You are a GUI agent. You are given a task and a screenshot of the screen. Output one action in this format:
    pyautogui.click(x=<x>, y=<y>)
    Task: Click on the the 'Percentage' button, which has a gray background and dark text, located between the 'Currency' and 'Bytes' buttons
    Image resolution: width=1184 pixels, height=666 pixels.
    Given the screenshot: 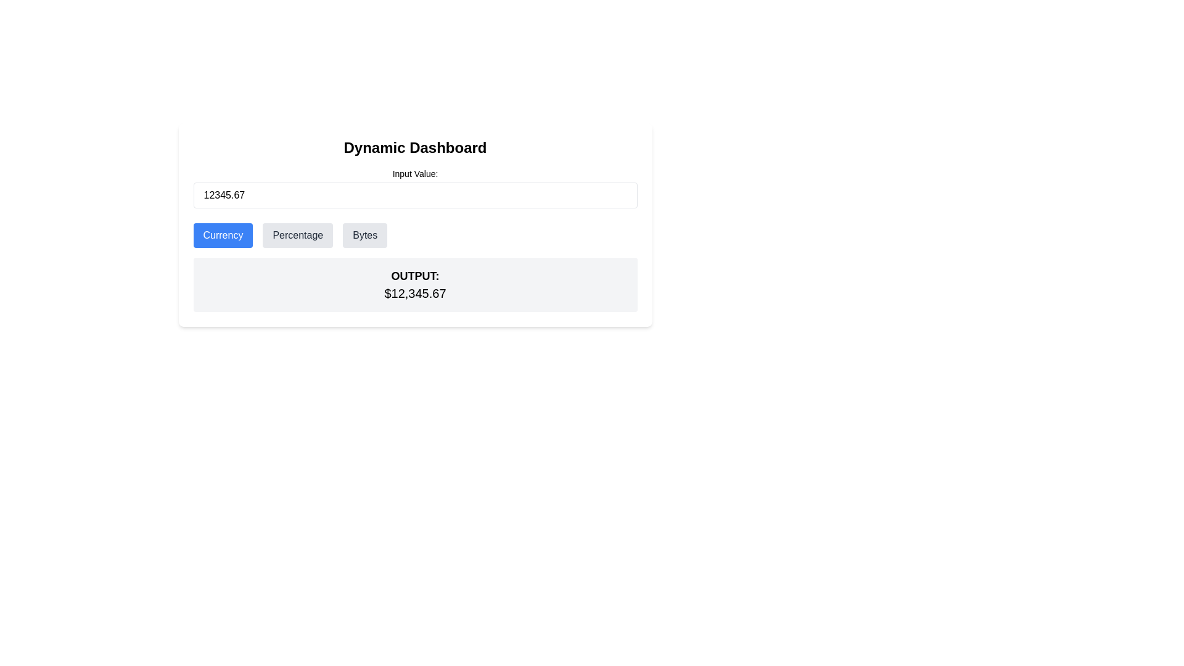 What is the action you would take?
    pyautogui.click(x=298, y=235)
    